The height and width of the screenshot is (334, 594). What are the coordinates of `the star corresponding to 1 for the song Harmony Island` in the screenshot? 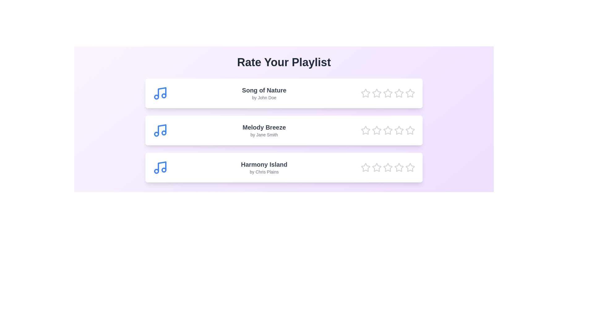 It's located at (365, 168).